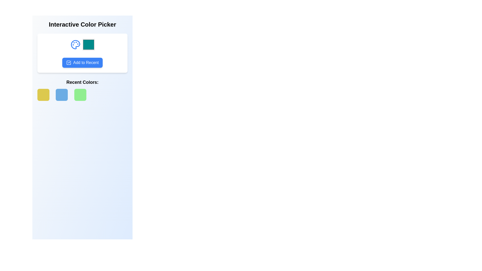 Image resolution: width=482 pixels, height=271 pixels. I want to click on the blue palette icon, which is the first icon in a horizontal arrangement above the 'Add to Recent' button, to interact with it, so click(75, 44).